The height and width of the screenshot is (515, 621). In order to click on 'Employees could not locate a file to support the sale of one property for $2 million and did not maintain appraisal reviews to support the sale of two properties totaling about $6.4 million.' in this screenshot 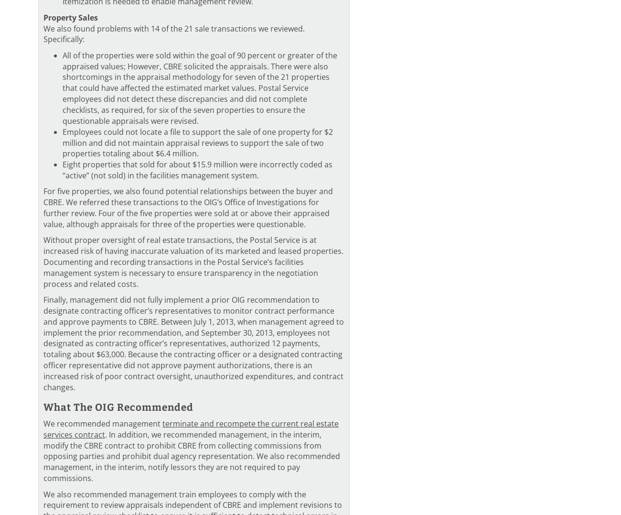, I will do `click(198, 142)`.